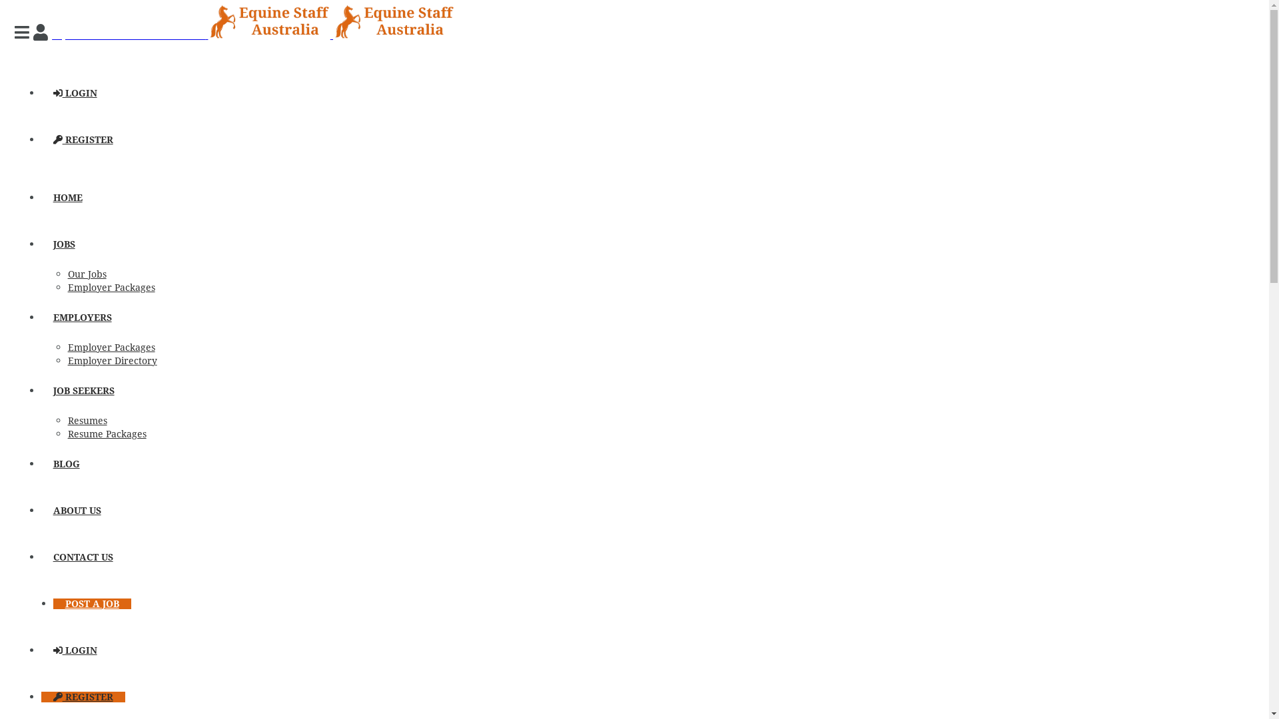  What do you see at coordinates (76, 510) in the screenshot?
I see `'ABOUT US'` at bounding box center [76, 510].